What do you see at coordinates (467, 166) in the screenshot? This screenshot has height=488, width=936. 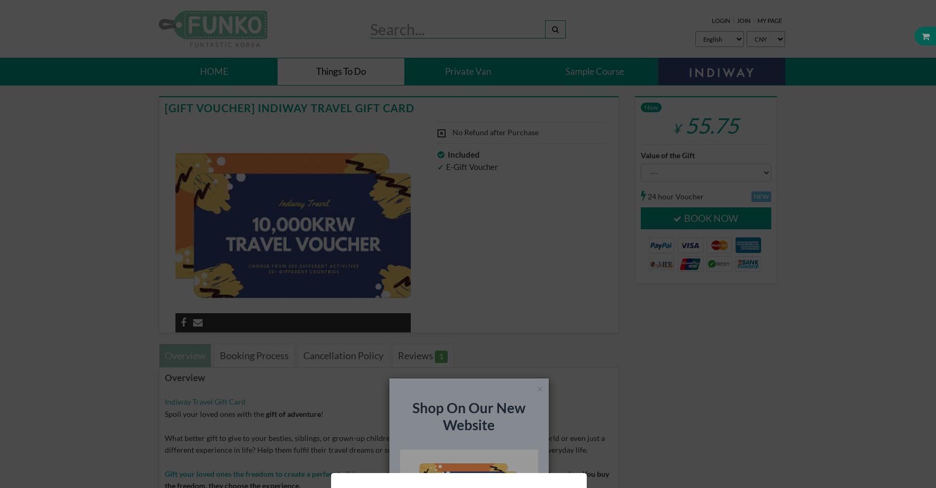 I see `'✓ E-Gift Voucher'` at bounding box center [467, 166].